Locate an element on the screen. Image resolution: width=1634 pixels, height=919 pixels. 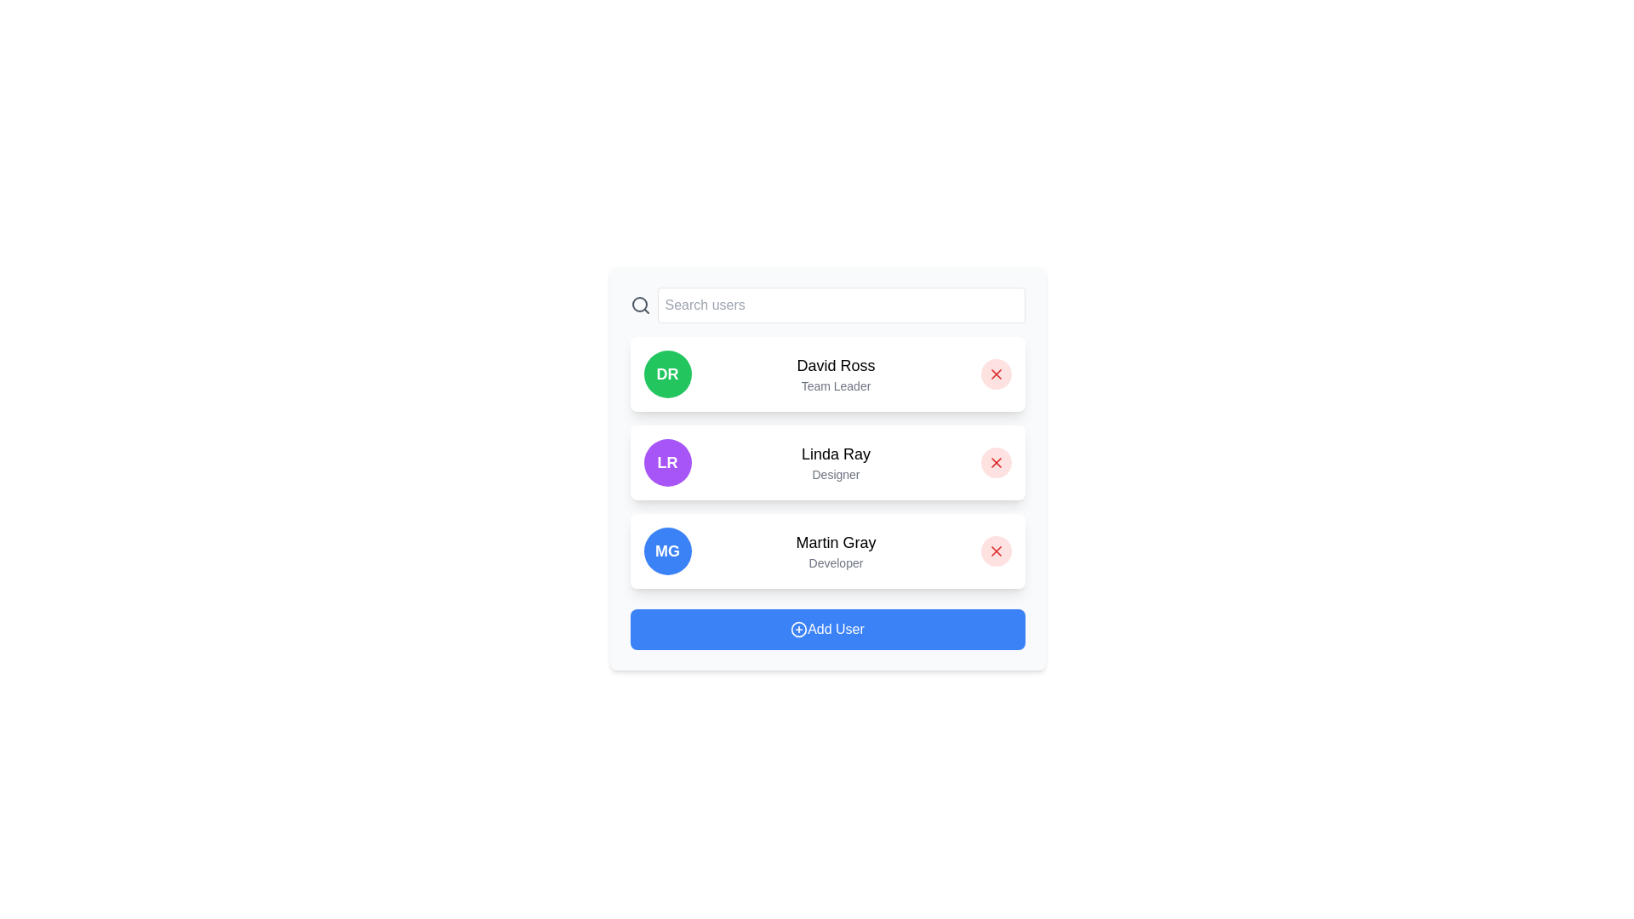
the red circular close button with a white 'X' icon is located at coordinates (996, 551).